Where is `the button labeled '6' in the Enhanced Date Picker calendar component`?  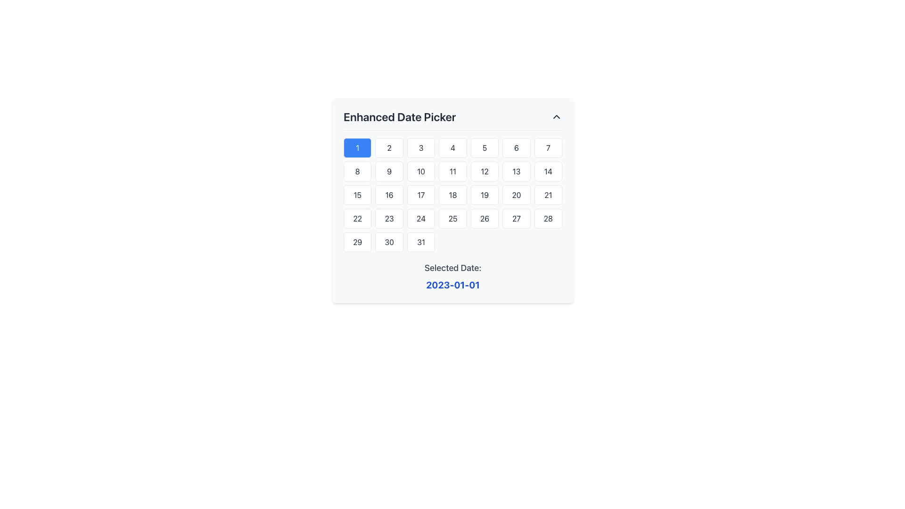 the button labeled '6' in the Enhanced Date Picker calendar component is located at coordinates (516, 148).